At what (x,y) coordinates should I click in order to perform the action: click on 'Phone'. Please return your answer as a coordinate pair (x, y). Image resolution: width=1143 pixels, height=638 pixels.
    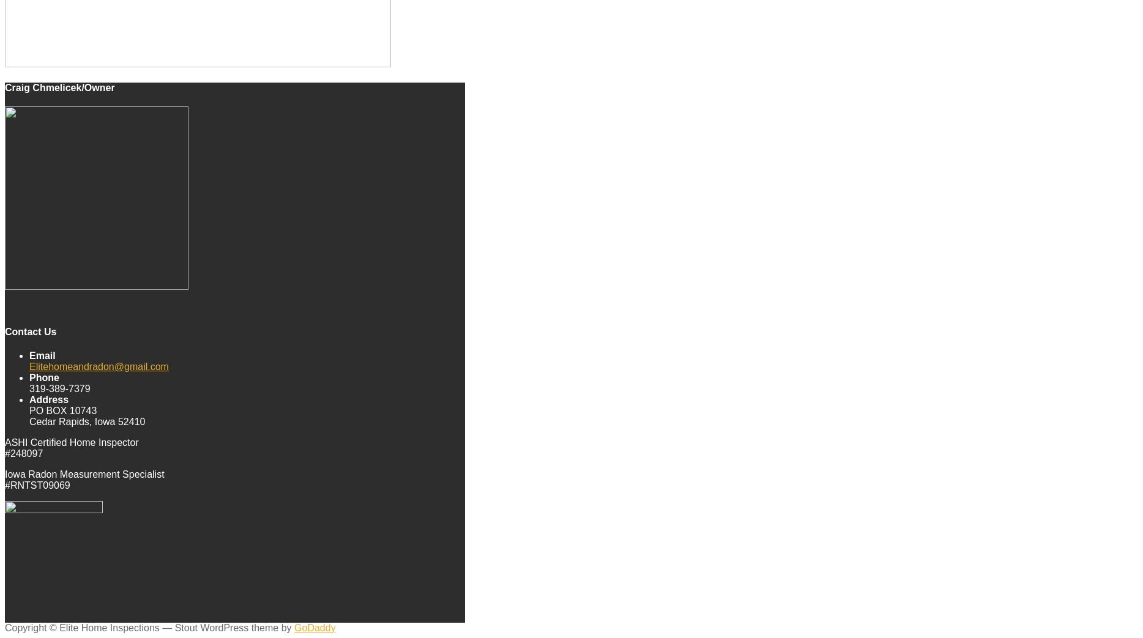
    Looking at the image, I should click on (29, 376).